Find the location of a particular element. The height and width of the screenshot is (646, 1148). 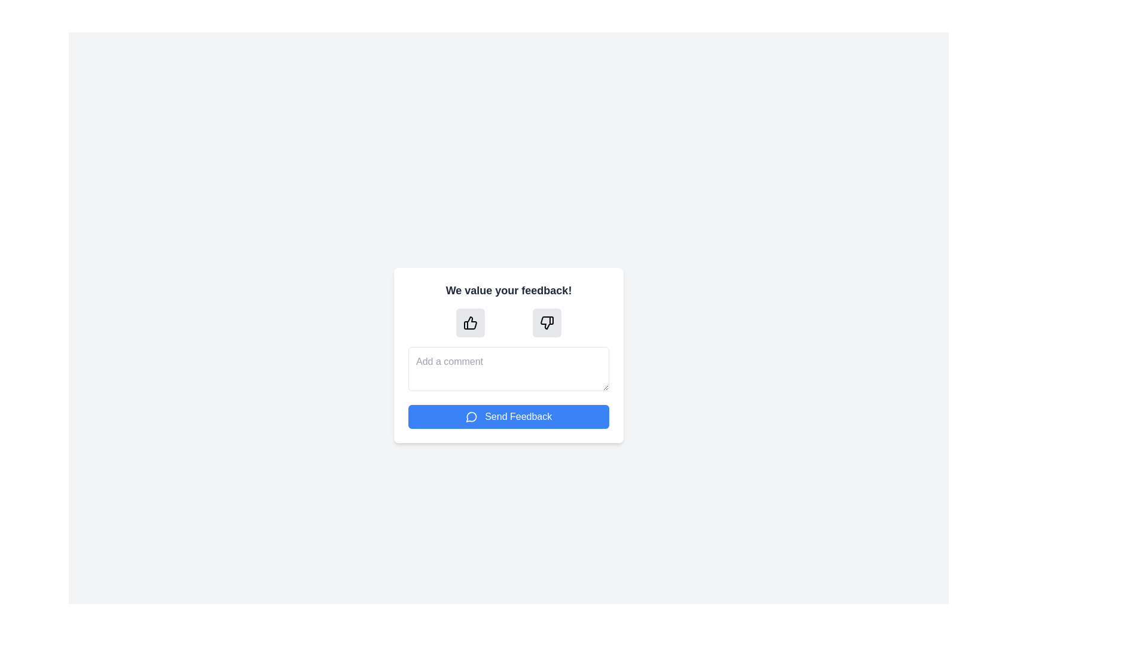

the 'Send Feedback' button with a blue background and white text, located at the bottom center of the feedback card is located at coordinates (508, 416).